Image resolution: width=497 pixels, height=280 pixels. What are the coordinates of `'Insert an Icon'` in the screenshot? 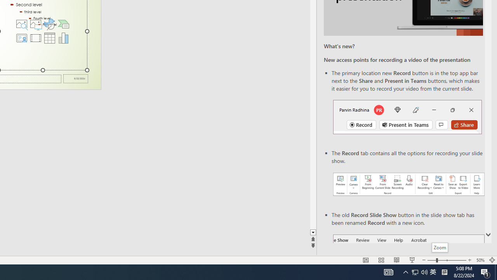 It's located at (49, 23).